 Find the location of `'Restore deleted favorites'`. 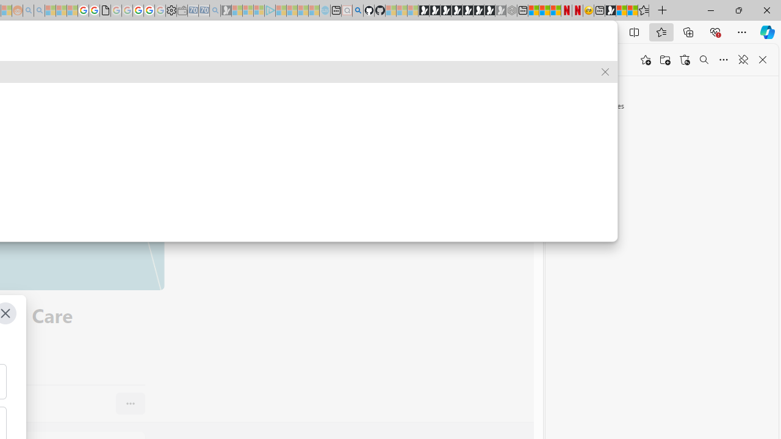

'Restore deleted favorites' is located at coordinates (685, 60).